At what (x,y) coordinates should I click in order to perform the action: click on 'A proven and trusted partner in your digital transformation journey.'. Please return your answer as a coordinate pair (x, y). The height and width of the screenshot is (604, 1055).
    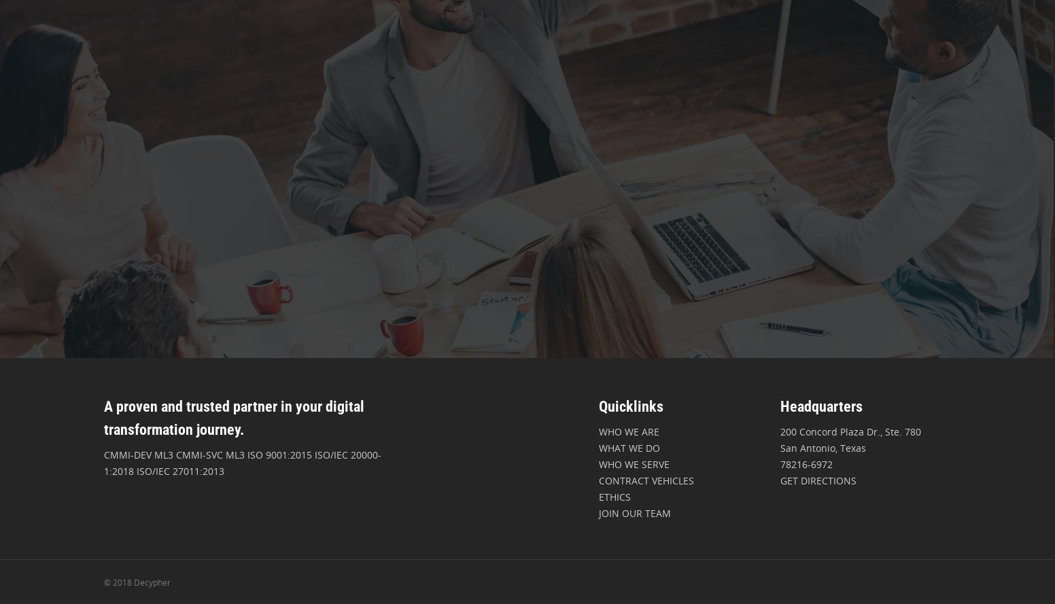
    Looking at the image, I should click on (233, 417).